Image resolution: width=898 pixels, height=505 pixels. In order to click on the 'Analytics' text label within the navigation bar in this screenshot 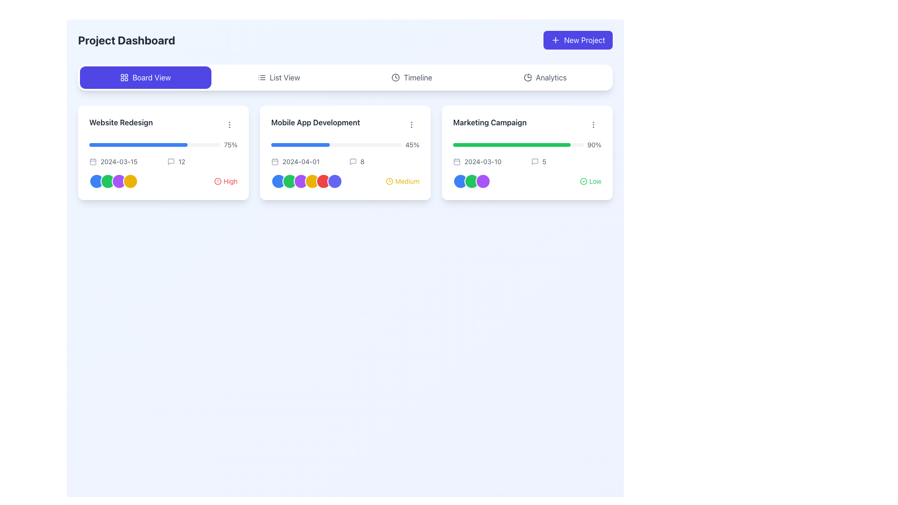, I will do `click(550, 77)`.